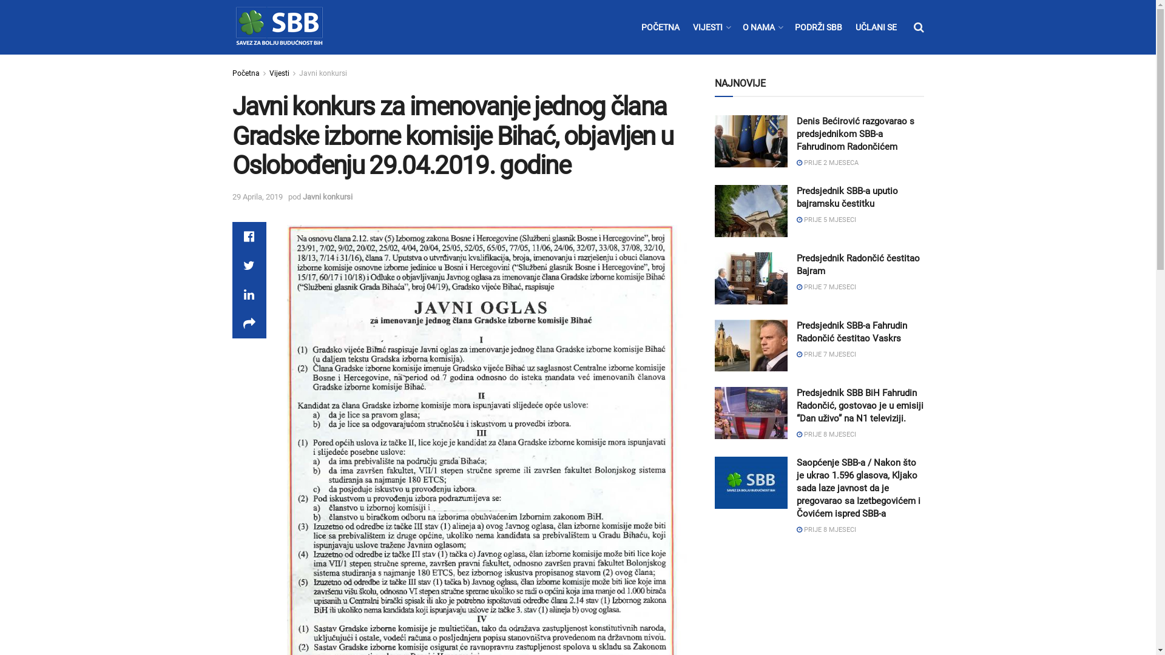 Image resolution: width=1165 pixels, height=655 pixels. I want to click on 'PRIJE 5 MJESECI', so click(825, 220).